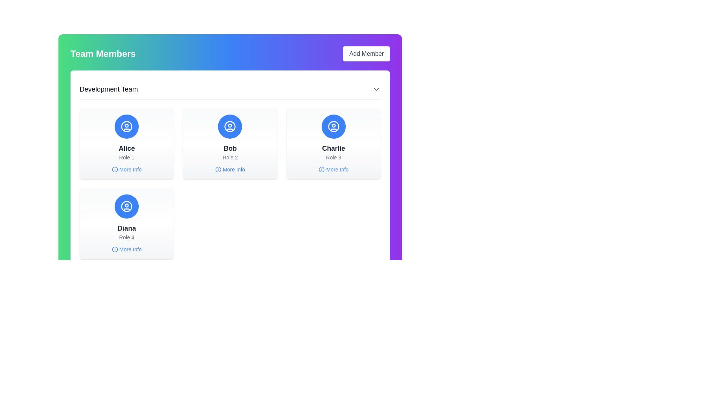 Image resolution: width=724 pixels, height=407 pixels. I want to click on the user profile SVG icon representing team member 'Diana' located in the lower-left segment of the grid under the 'Development Team' section, so click(127, 206).